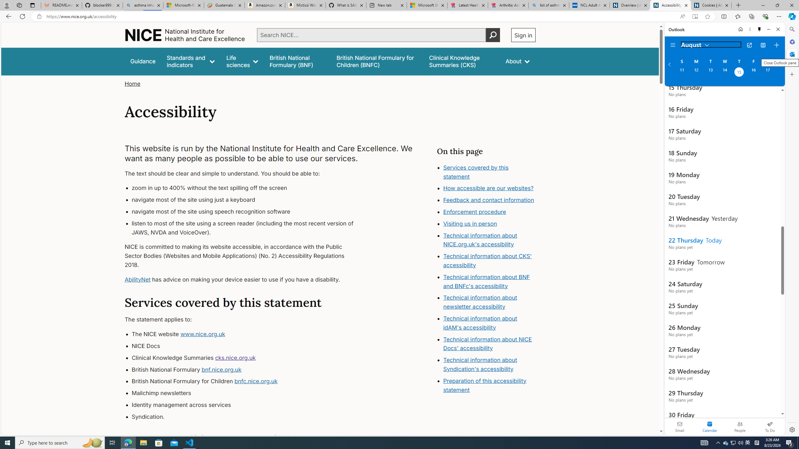  Describe the element at coordinates (462, 61) in the screenshot. I see `'false'` at that location.